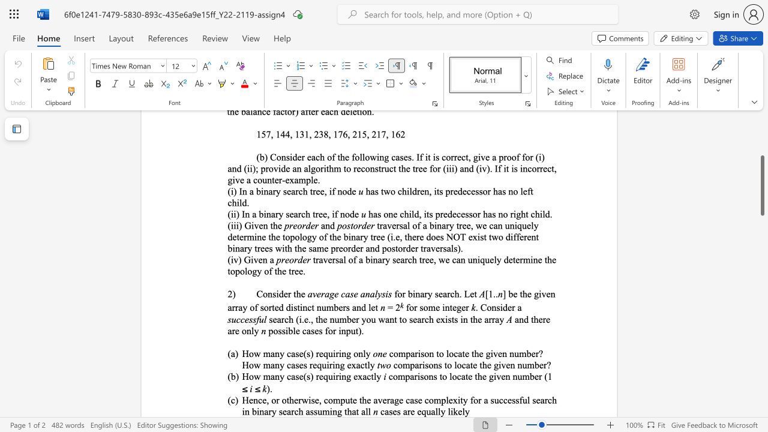  Describe the element at coordinates (403, 411) in the screenshot. I see `the subset text "are equally" within the text "cases are equally likely"` at that location.